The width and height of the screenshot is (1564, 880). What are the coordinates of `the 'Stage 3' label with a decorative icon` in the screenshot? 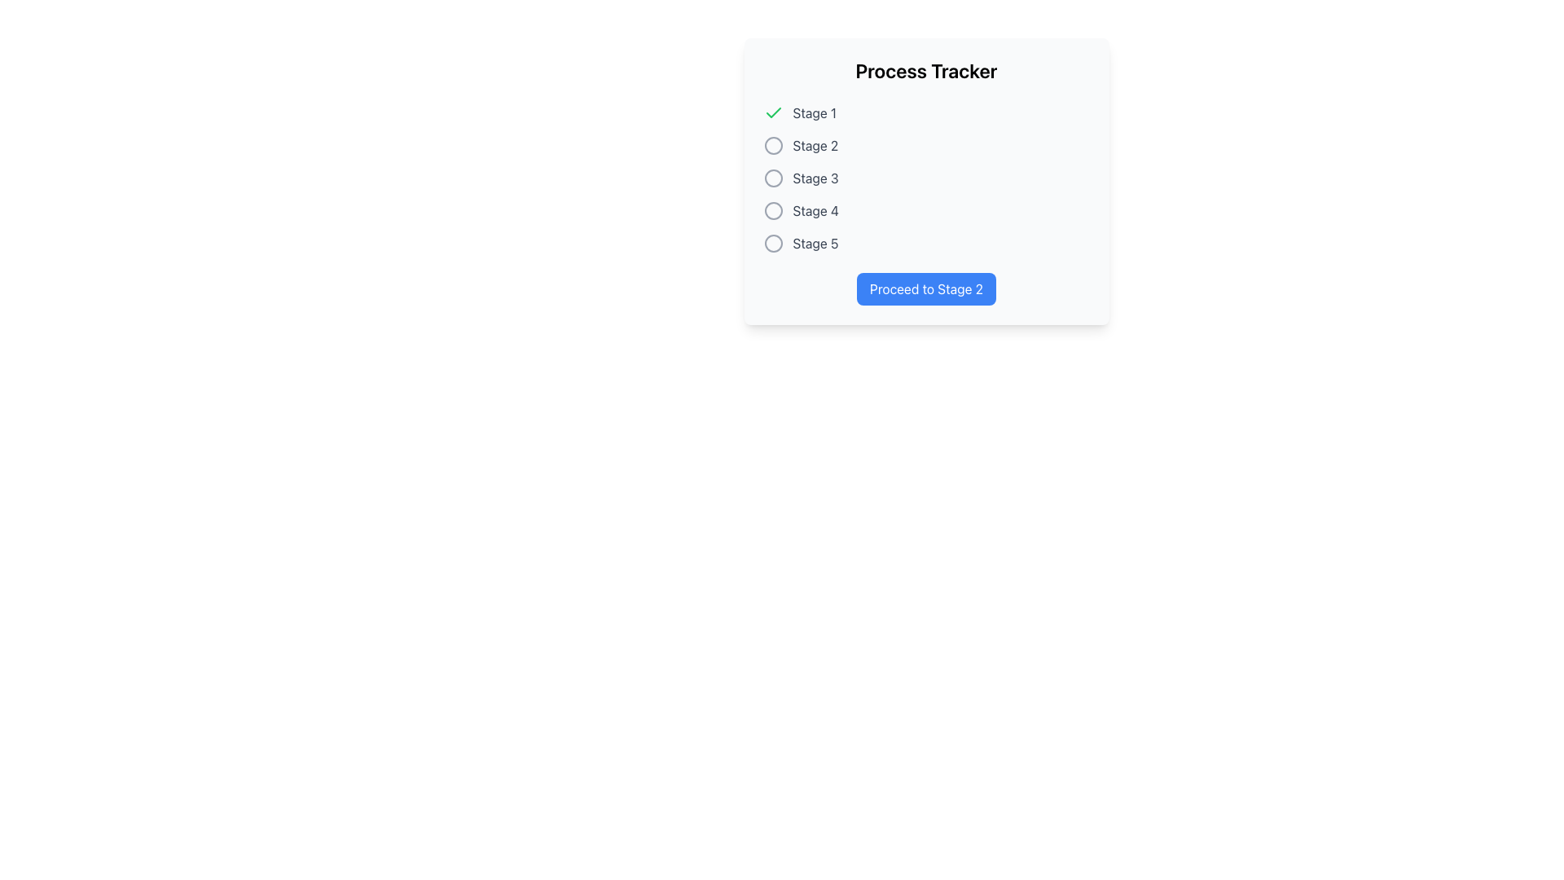 It's located at (801, 178).